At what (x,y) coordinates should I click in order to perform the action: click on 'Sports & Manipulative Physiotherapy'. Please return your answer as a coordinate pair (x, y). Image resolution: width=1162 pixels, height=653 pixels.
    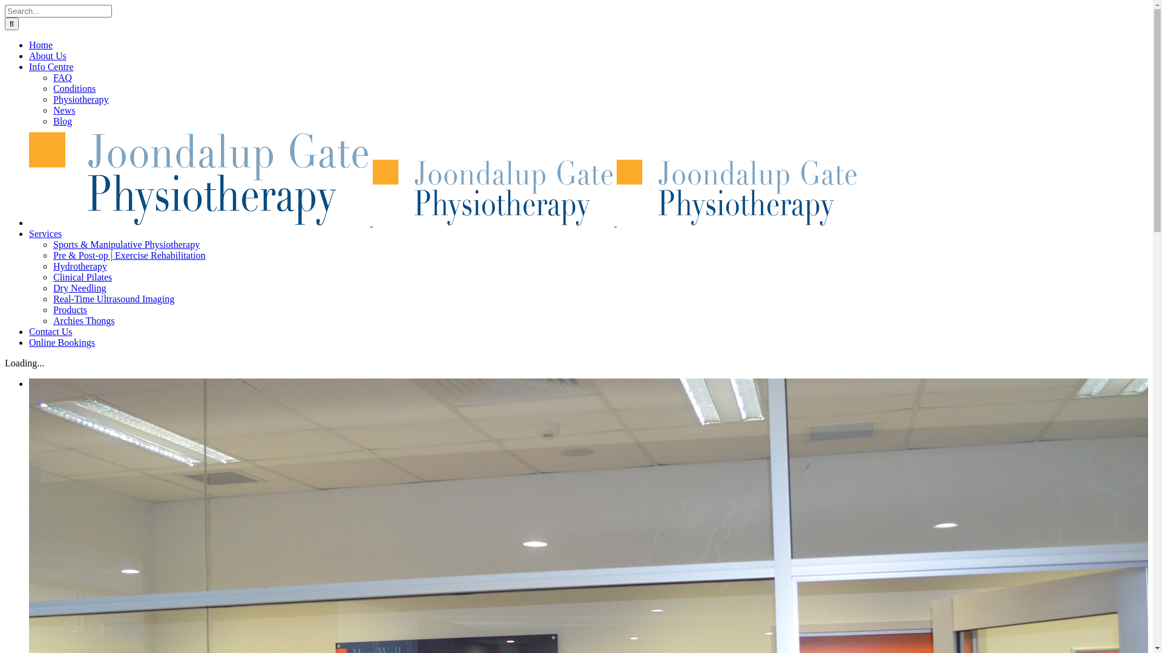
    Looking at the image, I should click on (126, 244).